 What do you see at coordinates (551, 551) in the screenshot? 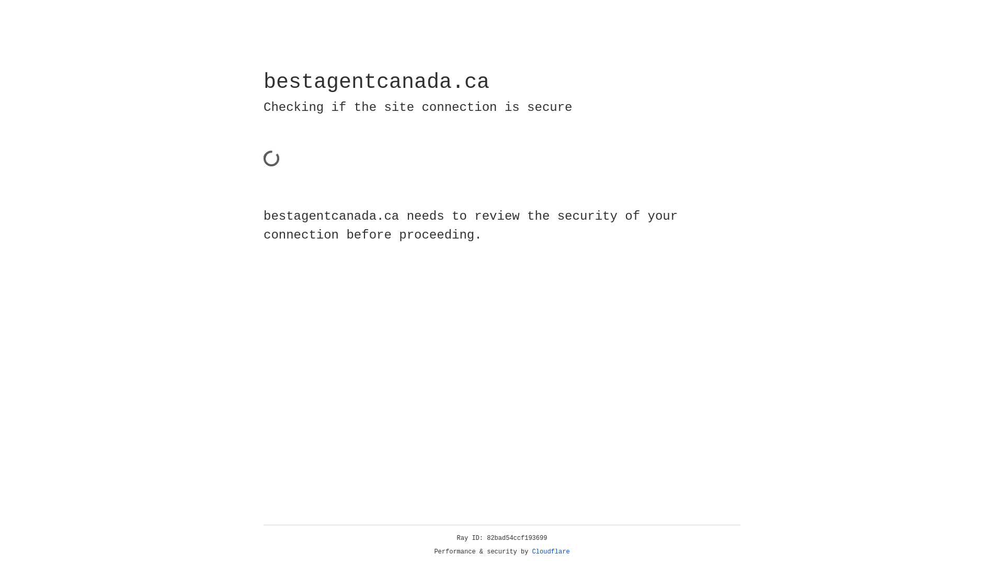
I see `'Cloudflare'` at bounding box center [551, 551].